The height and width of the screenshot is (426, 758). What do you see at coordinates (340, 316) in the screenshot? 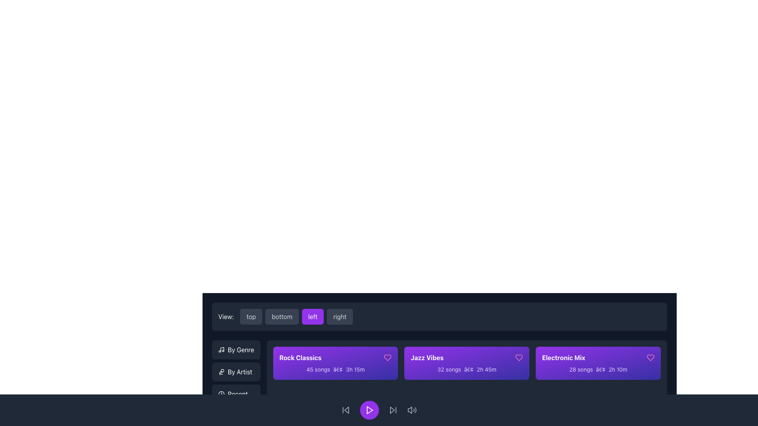
I see `the button labeled 'right', which is the fourth button in a horizontal group of four buttons, to observe the hover effect` at bounding box center [340, 316].